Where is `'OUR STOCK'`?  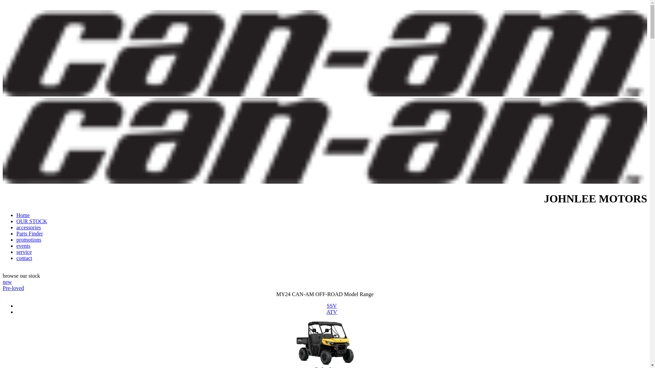
'OUR STOCK' is located at coordinates (31, 221).